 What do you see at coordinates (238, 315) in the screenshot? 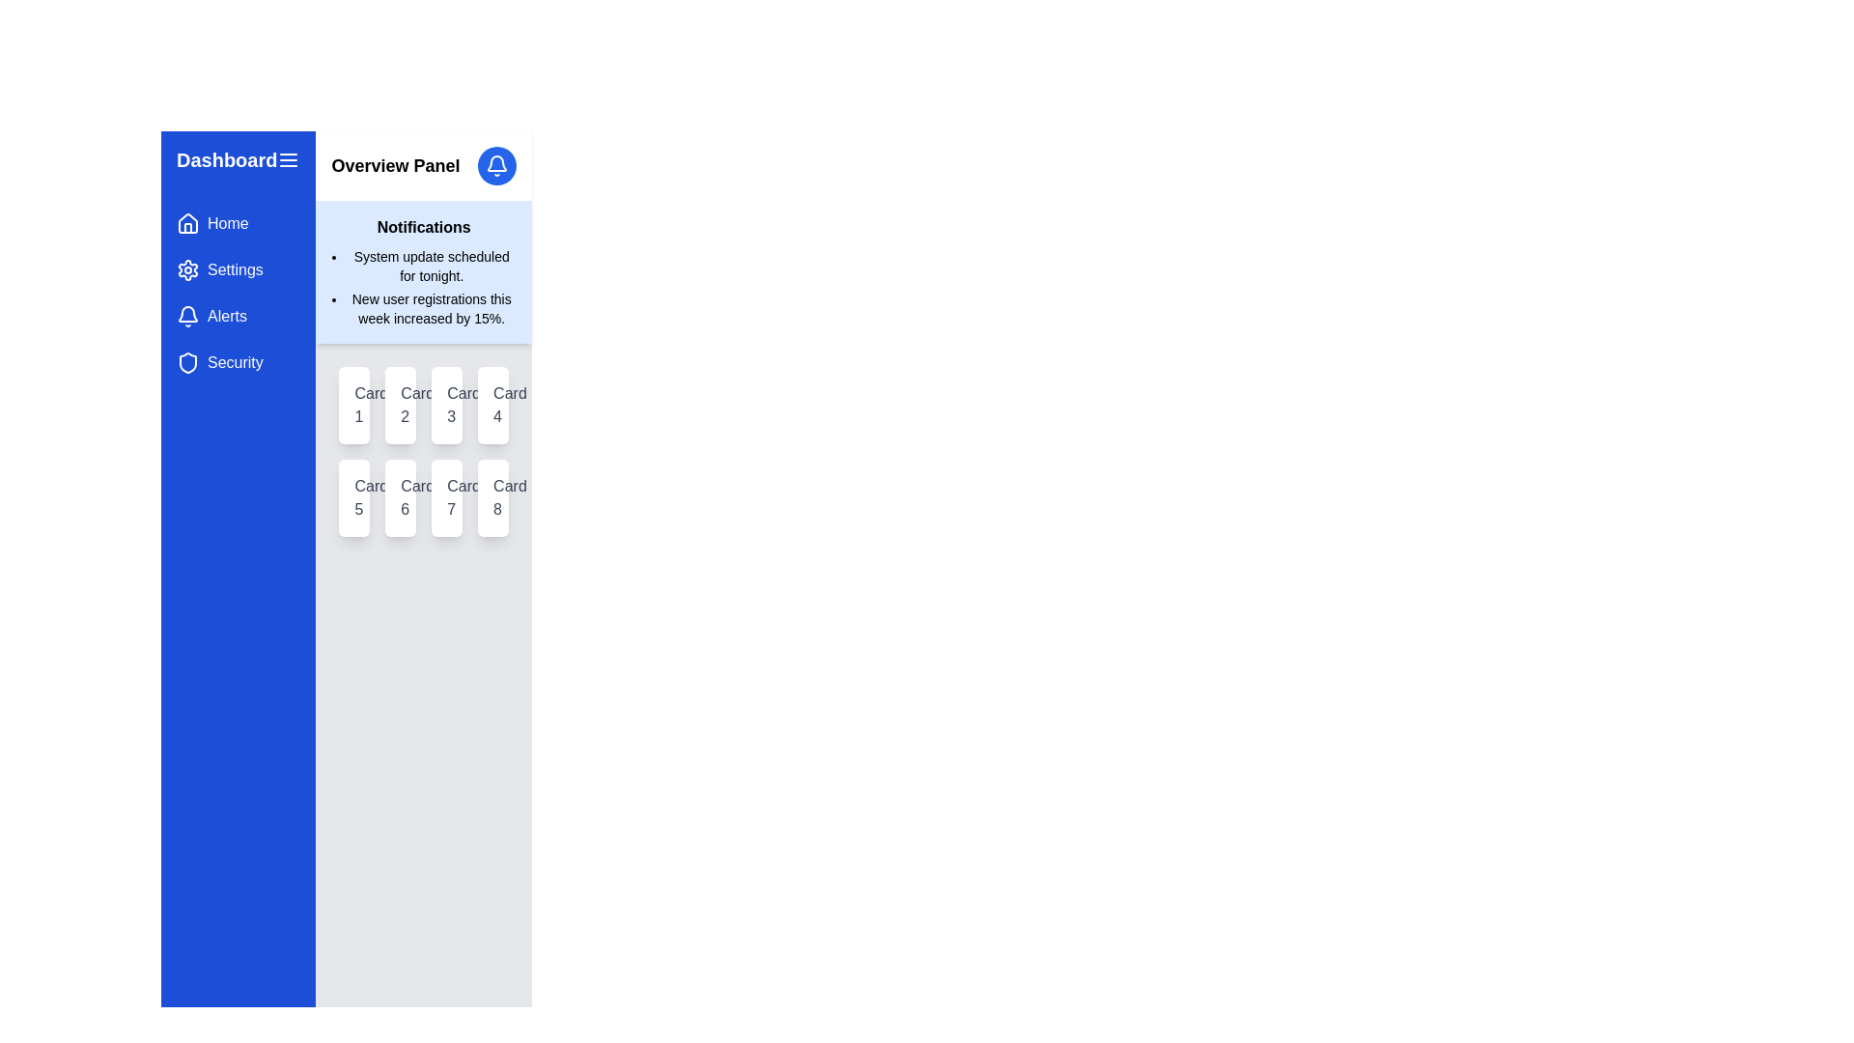
I see `the 'Alerts' navigation menu item, which is the third item in the left-side vertical navigation menu, featuring a bell icon and blue background` at bounding box center [238, 315].